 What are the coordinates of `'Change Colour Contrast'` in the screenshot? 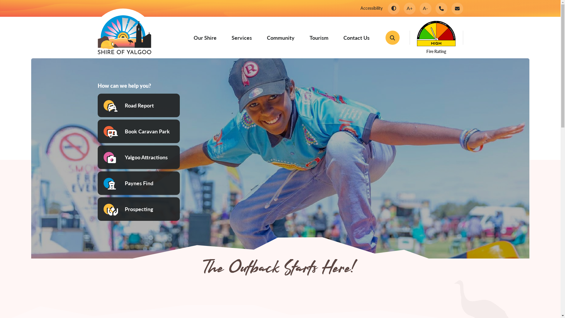 It's located at (394, 8).